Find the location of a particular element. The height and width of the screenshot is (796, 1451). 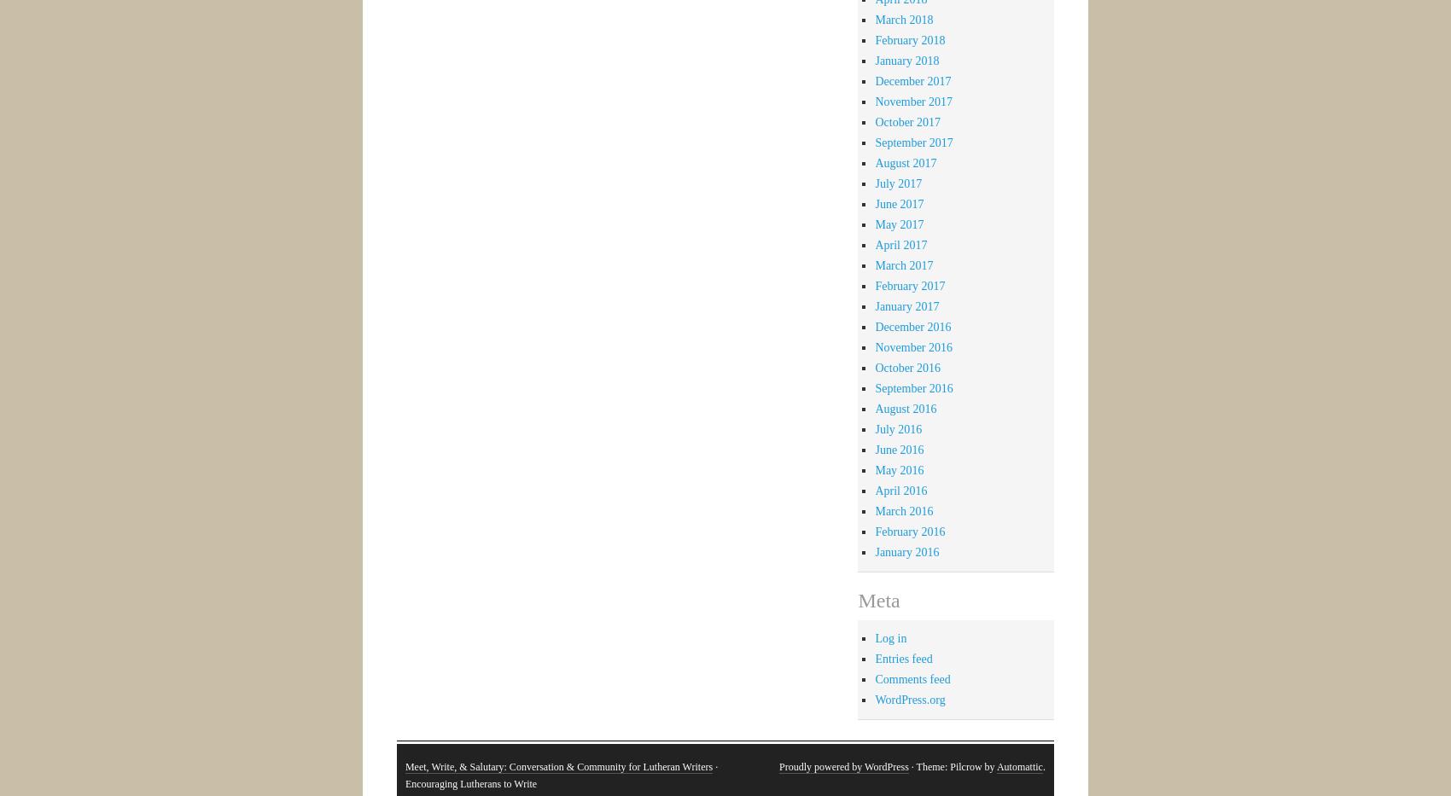

'December 2016' is located at coordinates (912, 326).